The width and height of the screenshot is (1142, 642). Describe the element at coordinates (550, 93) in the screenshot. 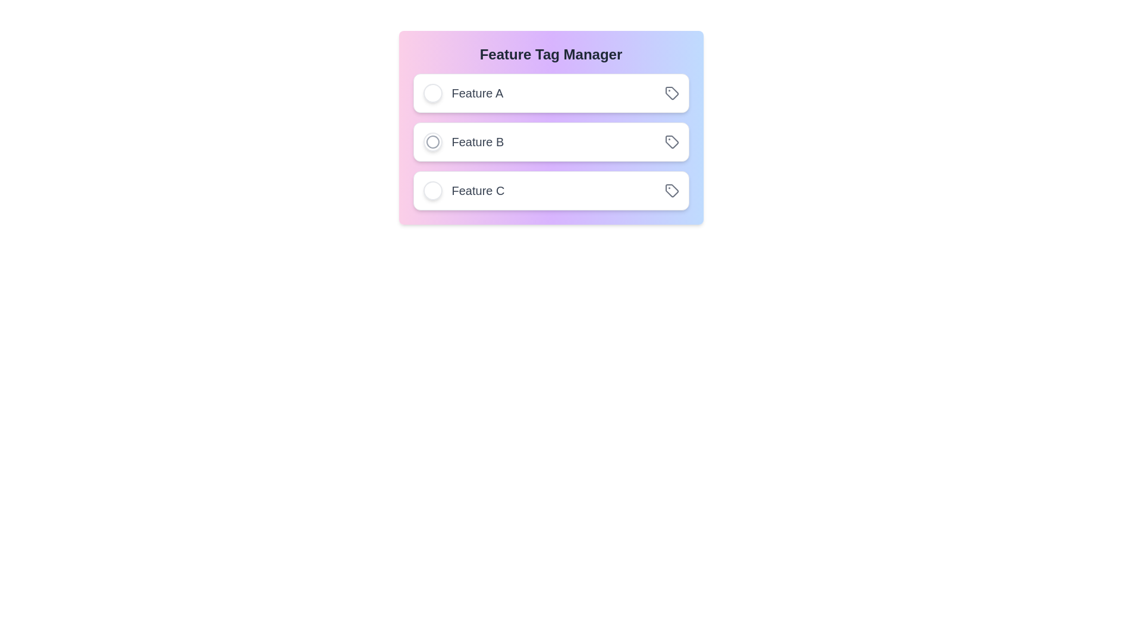

I see `the first feature card labeled 'Feature A' in the 'Feature Tag Manager' panel, which has a white background, a bordered edge, and rounded corners` at that location.